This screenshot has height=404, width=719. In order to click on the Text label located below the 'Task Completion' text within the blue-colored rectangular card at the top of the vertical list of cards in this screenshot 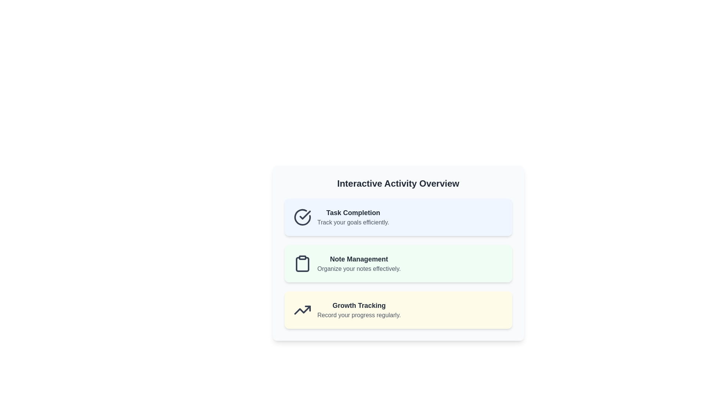, I will do `click(353, 222)`.